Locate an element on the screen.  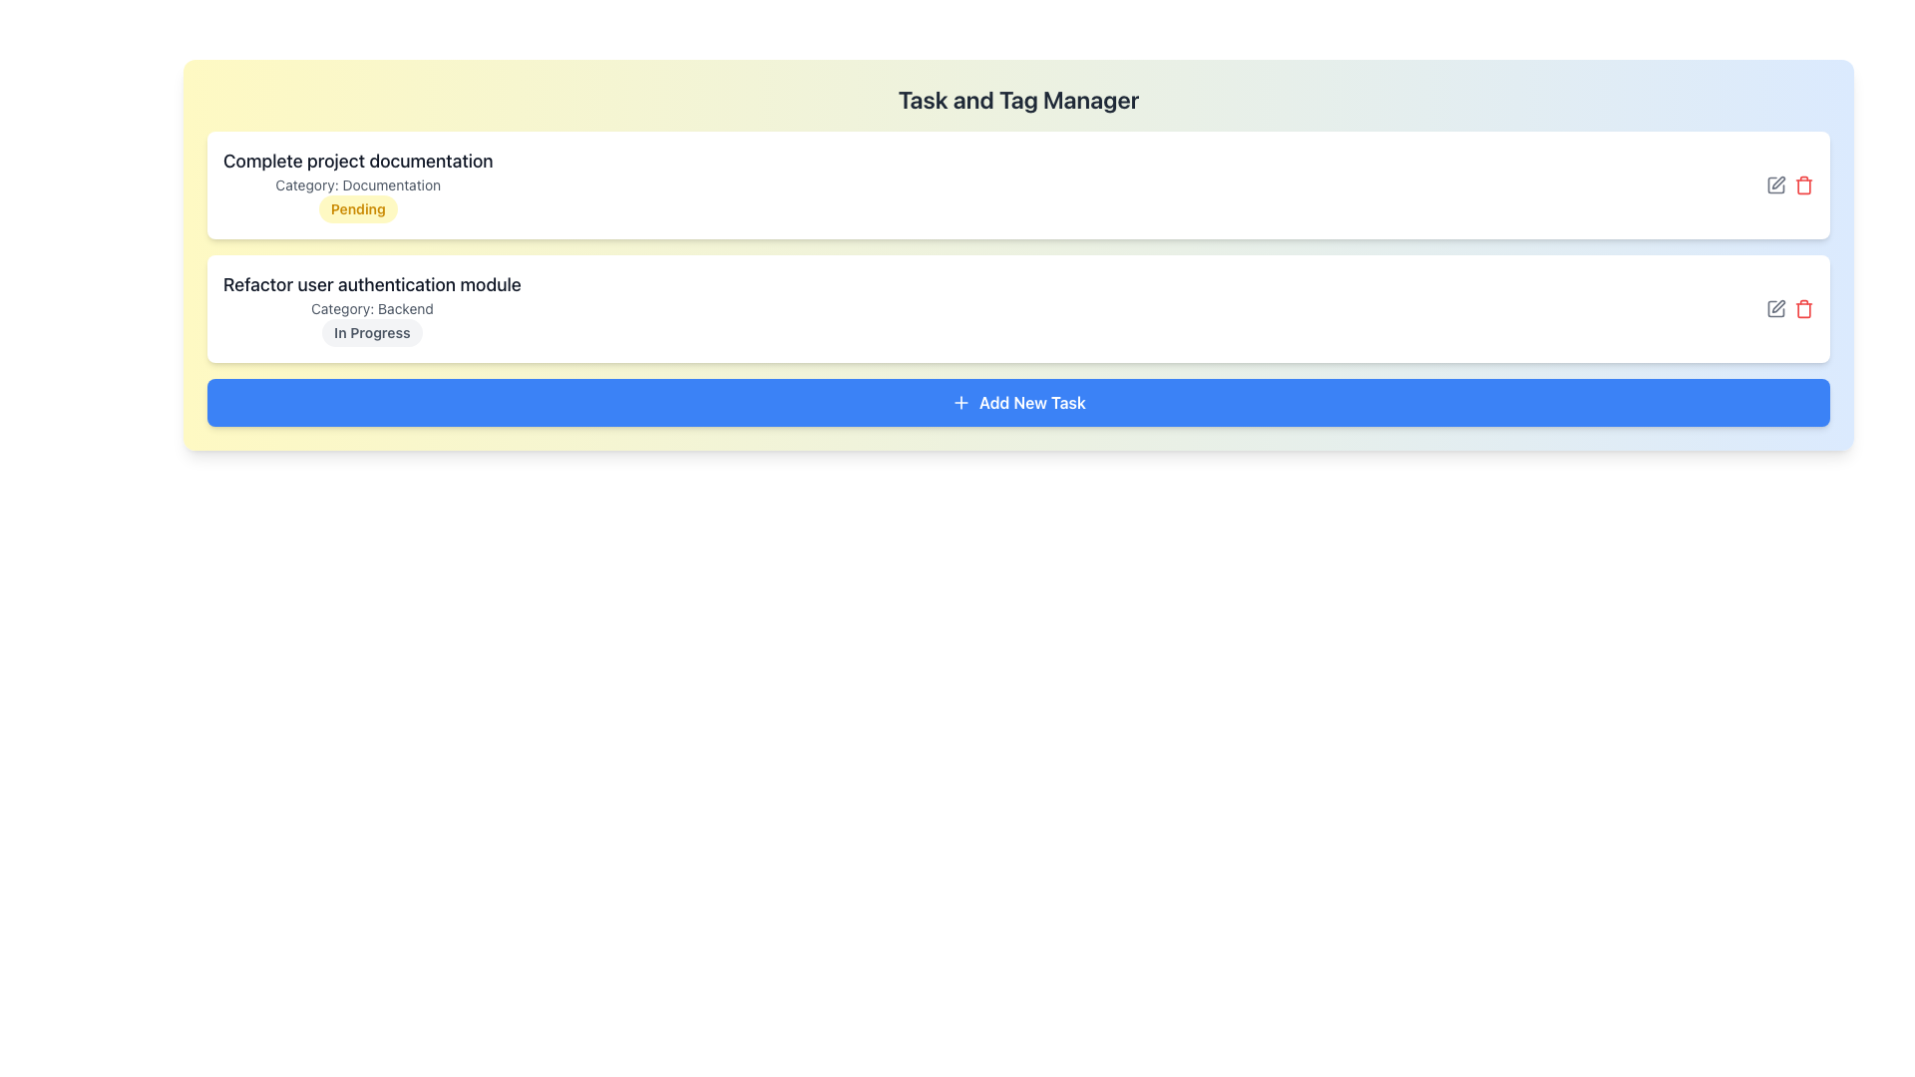
the button located at the bottom of the 'Task and Tag Manager' card is located at coordinates (1018, 403).